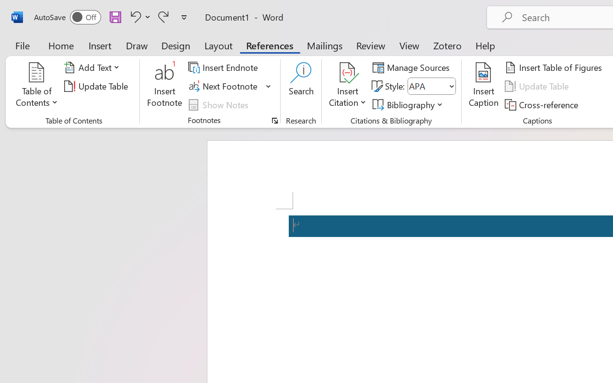 The height and width of the screenshot is (383, 613). Describe the element at coordinates (427, 85) in the screenshot. I see `'Style'` at that location.